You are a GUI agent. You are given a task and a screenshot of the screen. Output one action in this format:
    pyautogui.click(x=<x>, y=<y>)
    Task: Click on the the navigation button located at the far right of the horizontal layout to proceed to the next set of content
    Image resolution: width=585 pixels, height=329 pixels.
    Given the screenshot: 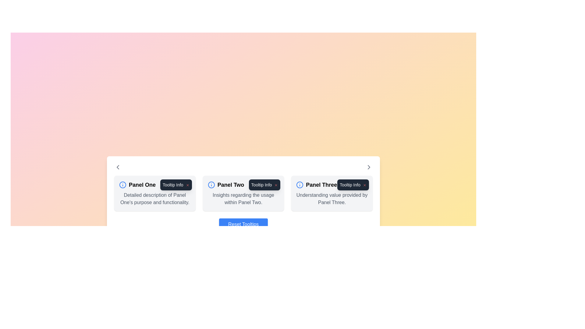 What is the action you would take?
    pyautogui.click(x=368, y=167)
    